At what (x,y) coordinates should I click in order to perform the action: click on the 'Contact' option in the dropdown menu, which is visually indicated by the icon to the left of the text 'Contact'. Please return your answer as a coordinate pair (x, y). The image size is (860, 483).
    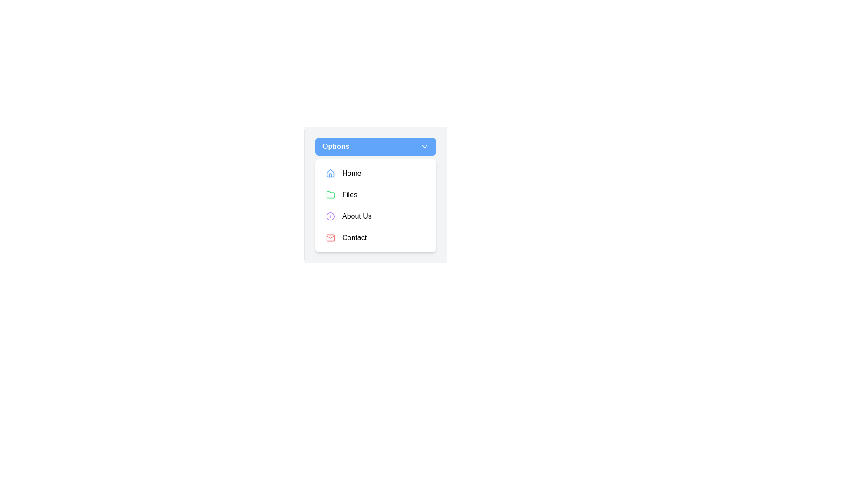
    Looking at the image, I should click on (330, 237).